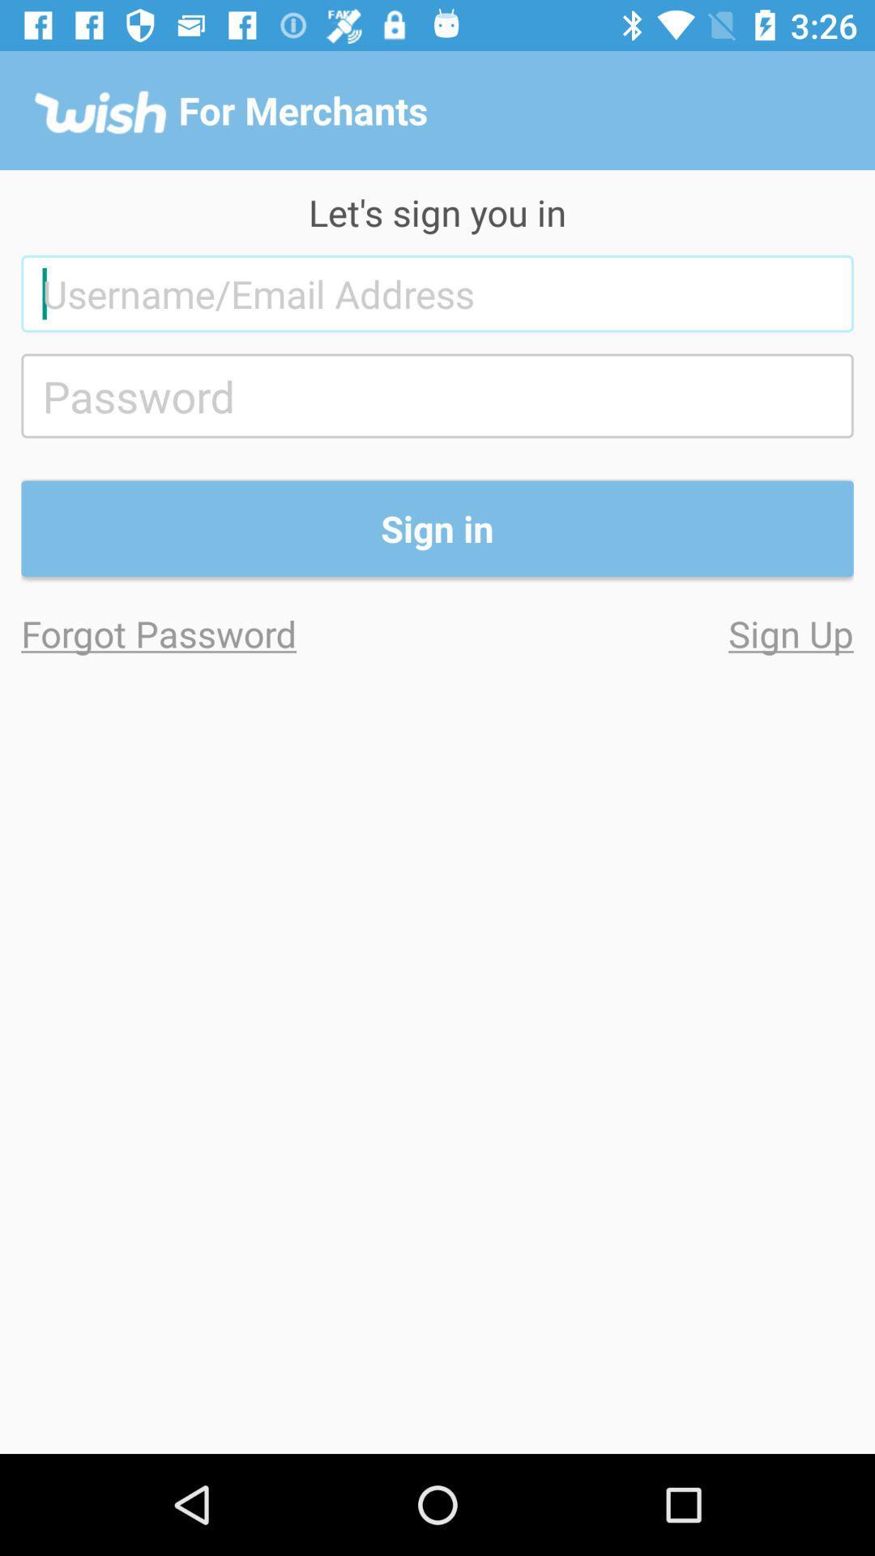 This screenshot has width=875, height=1556. What do you see at coordinates (644, 632) in the screenshot?
I see `sign up` at bounding box center [644, 632].